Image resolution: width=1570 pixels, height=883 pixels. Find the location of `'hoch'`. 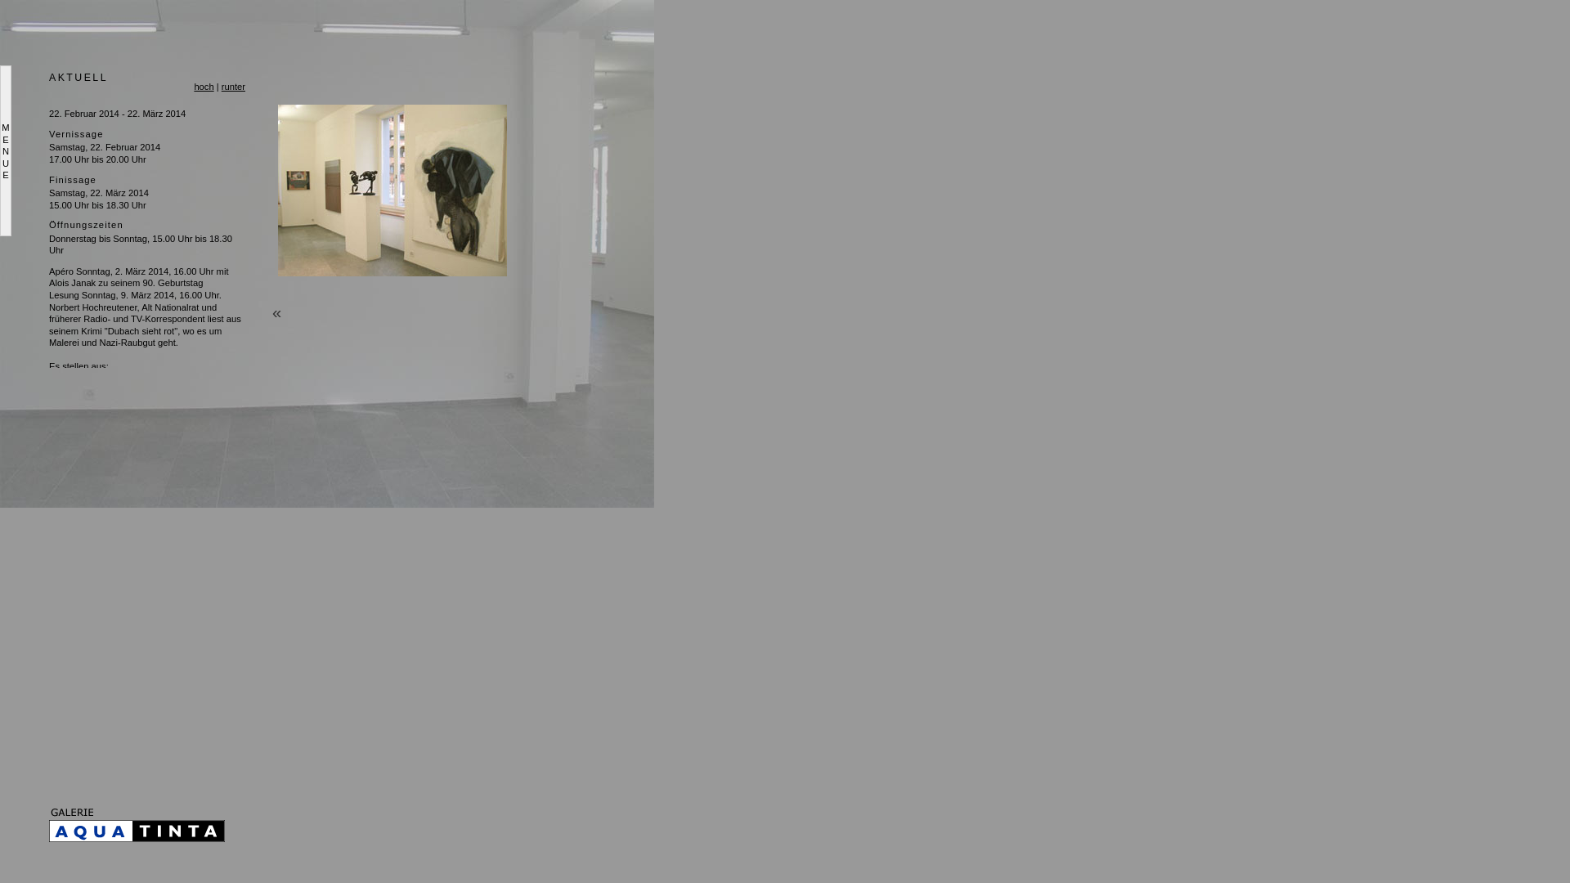

'hoch' is located at coordinates (203, 86).